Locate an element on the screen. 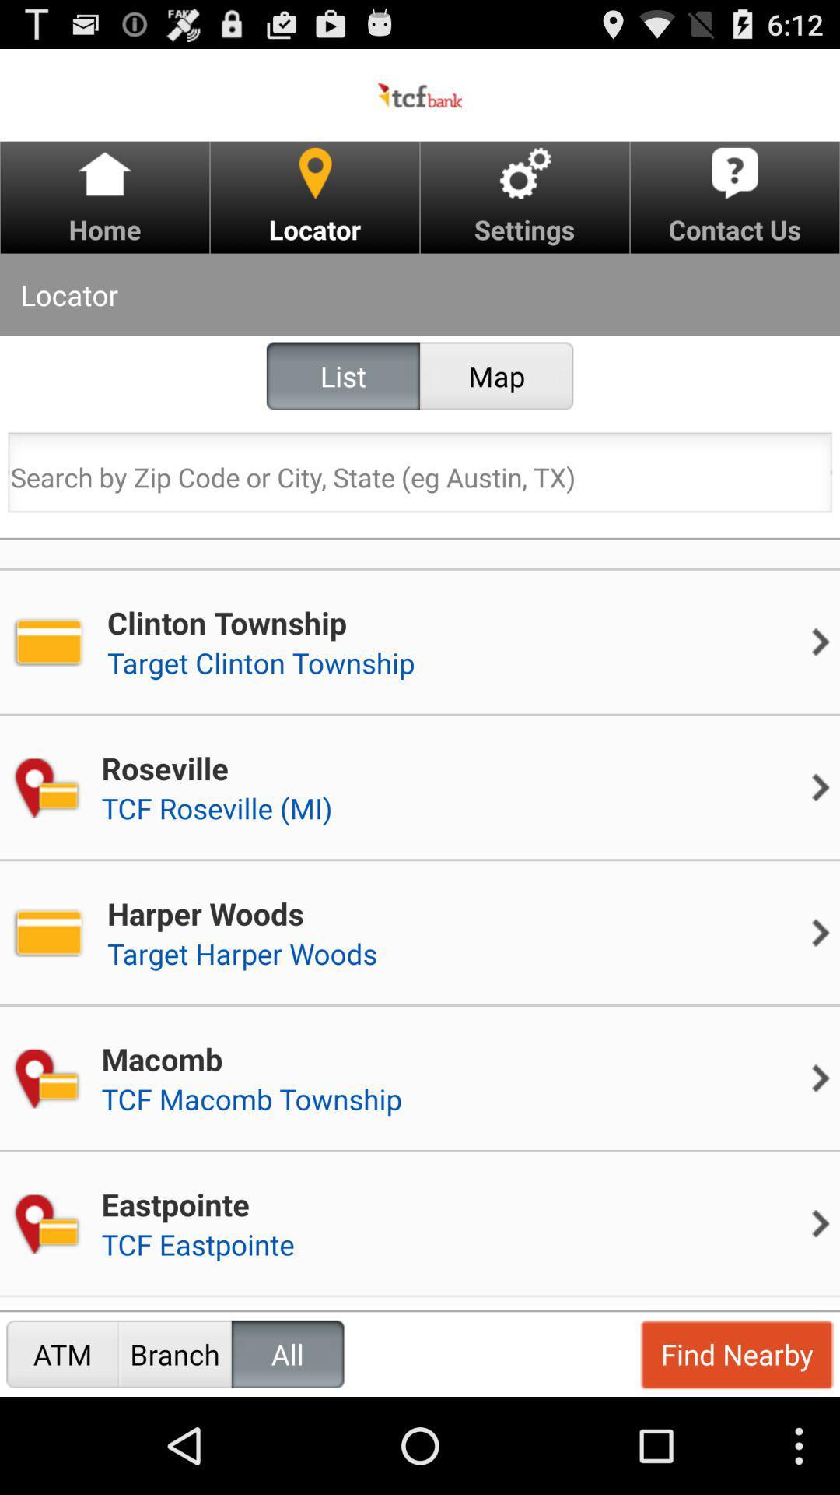 This screenshot has height=1495, width=840. item next to the branch is located at coordinates (61, 1353).